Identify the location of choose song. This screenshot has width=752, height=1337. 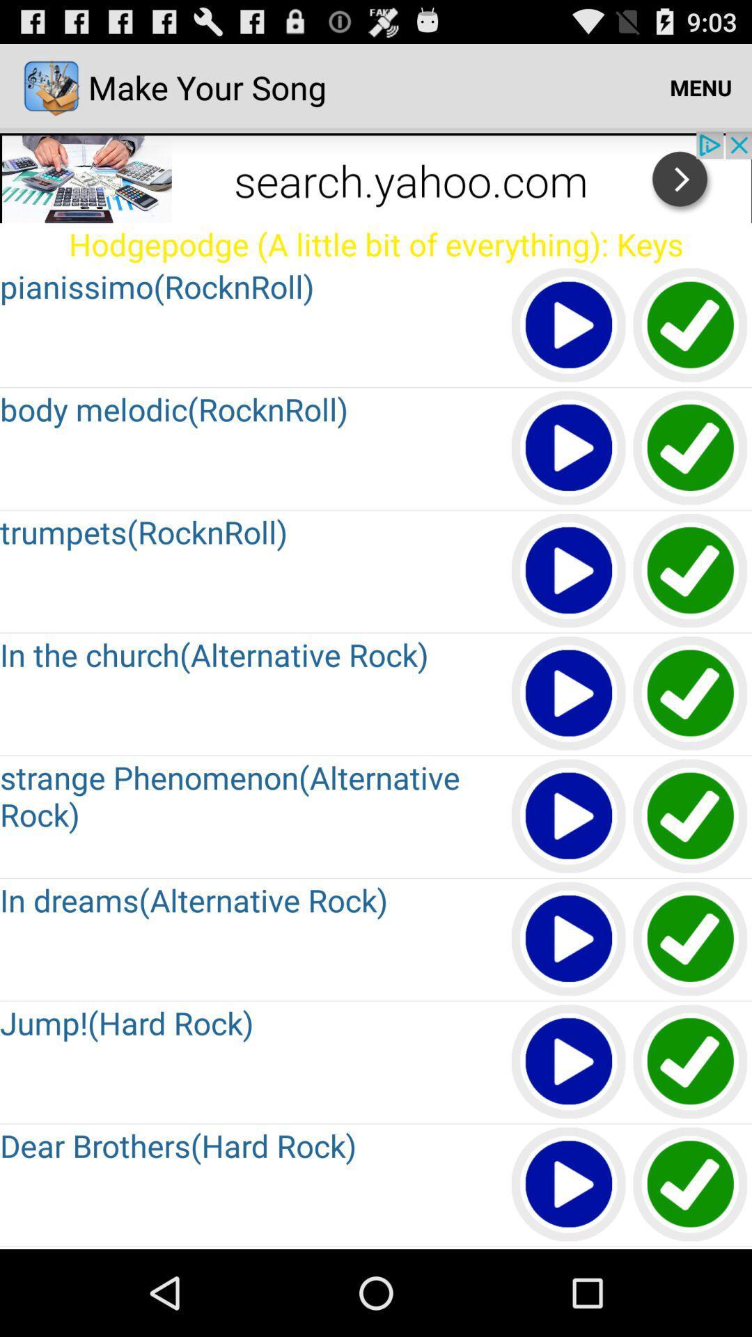
(691, 817).